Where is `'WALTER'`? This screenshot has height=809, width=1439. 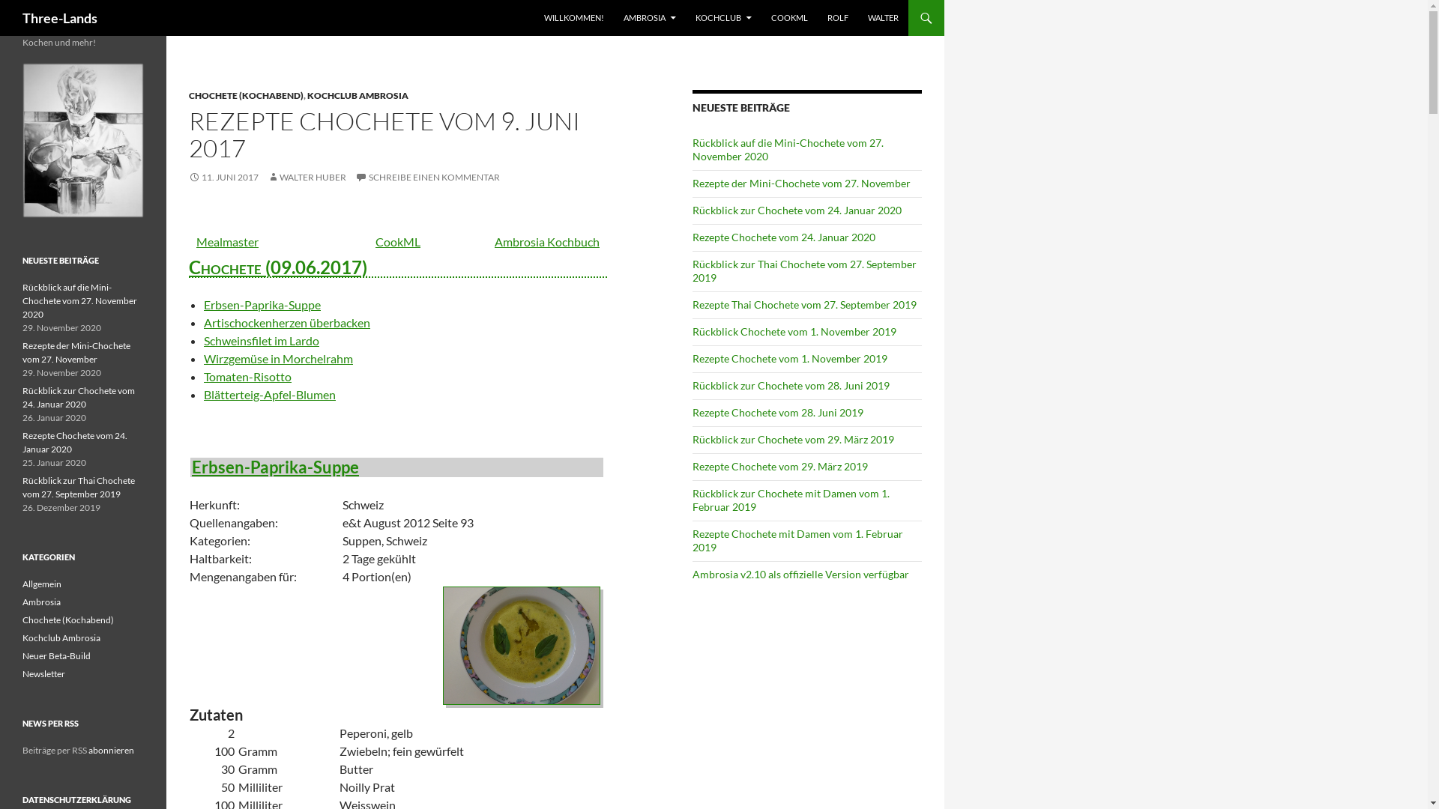
'WALTER' is located at coordinates (883, 17).